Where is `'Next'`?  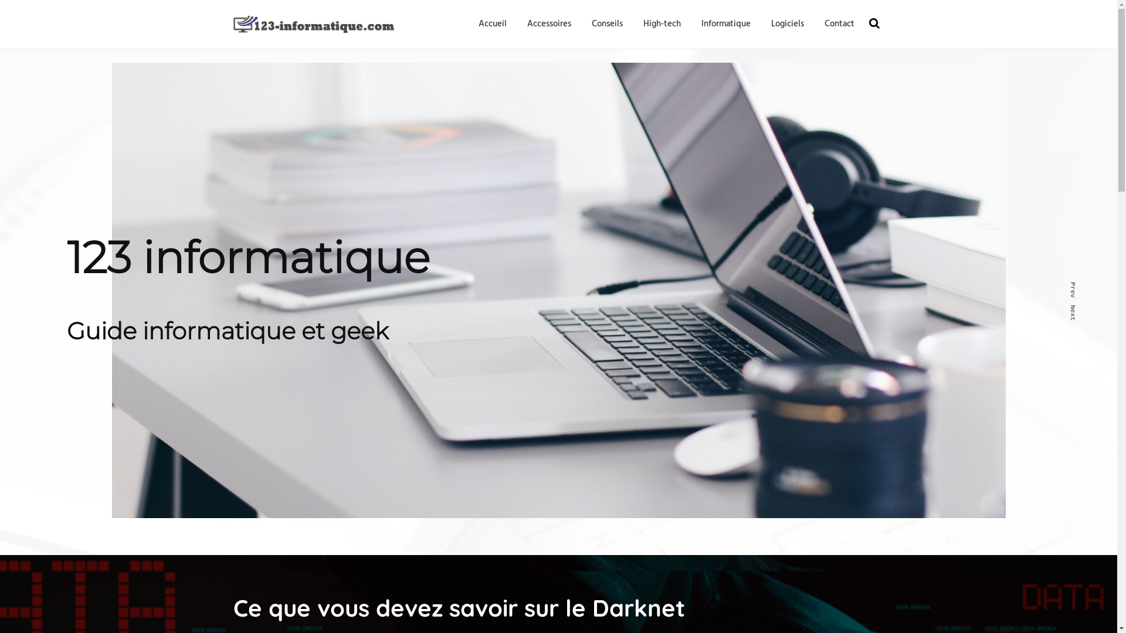 'Next' is located at coordinates (1077, 307).